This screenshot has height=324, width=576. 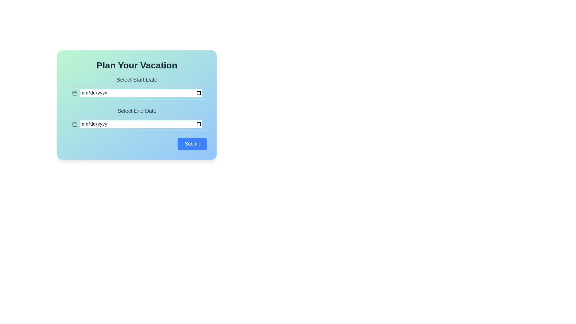 I want to click on the Date input field labeled 'Select Start Date', so click(x=136, y=88).